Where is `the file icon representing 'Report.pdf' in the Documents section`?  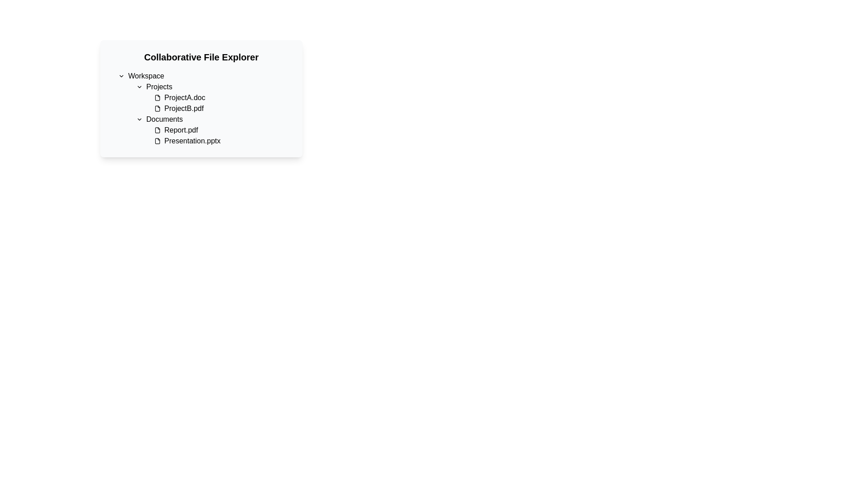 the file icon representing 'Report.pdf' in the Documents section is located at coordinates (158, 130).